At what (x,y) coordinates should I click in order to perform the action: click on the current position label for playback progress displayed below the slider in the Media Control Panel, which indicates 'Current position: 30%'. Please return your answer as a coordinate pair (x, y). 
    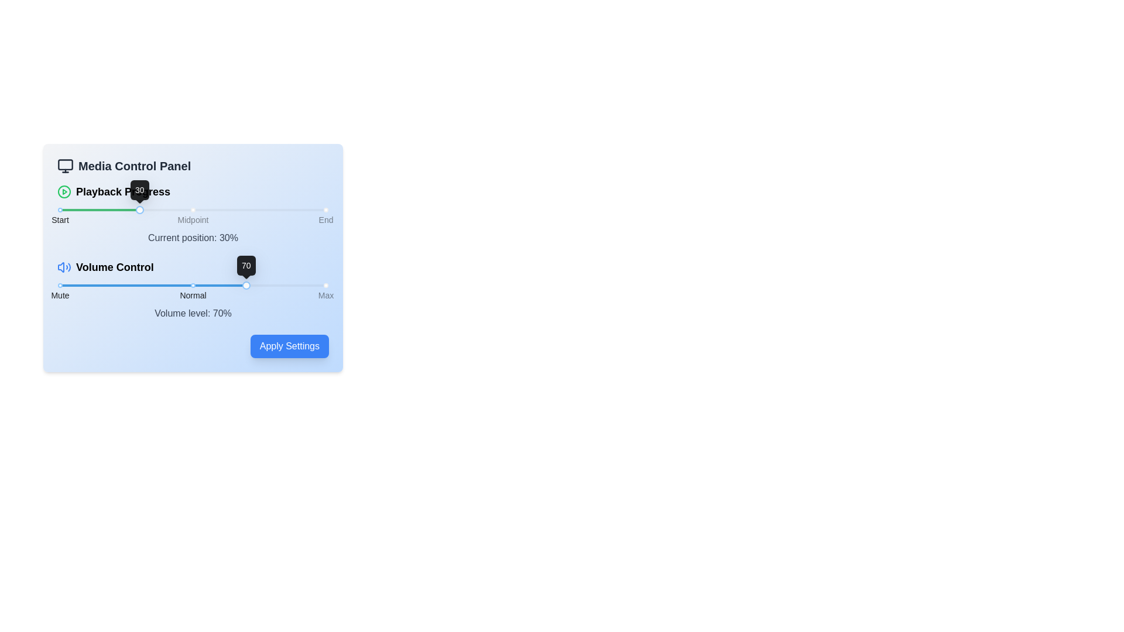
    Looking at the image, I should click on (193, 214).